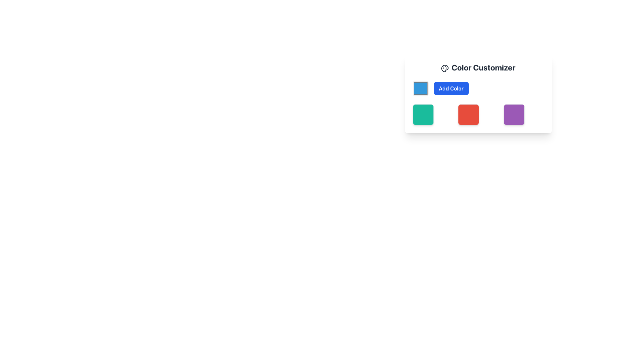  I want to click on the selectable color box located in the second row and second column of the grid, so click(423, 114).